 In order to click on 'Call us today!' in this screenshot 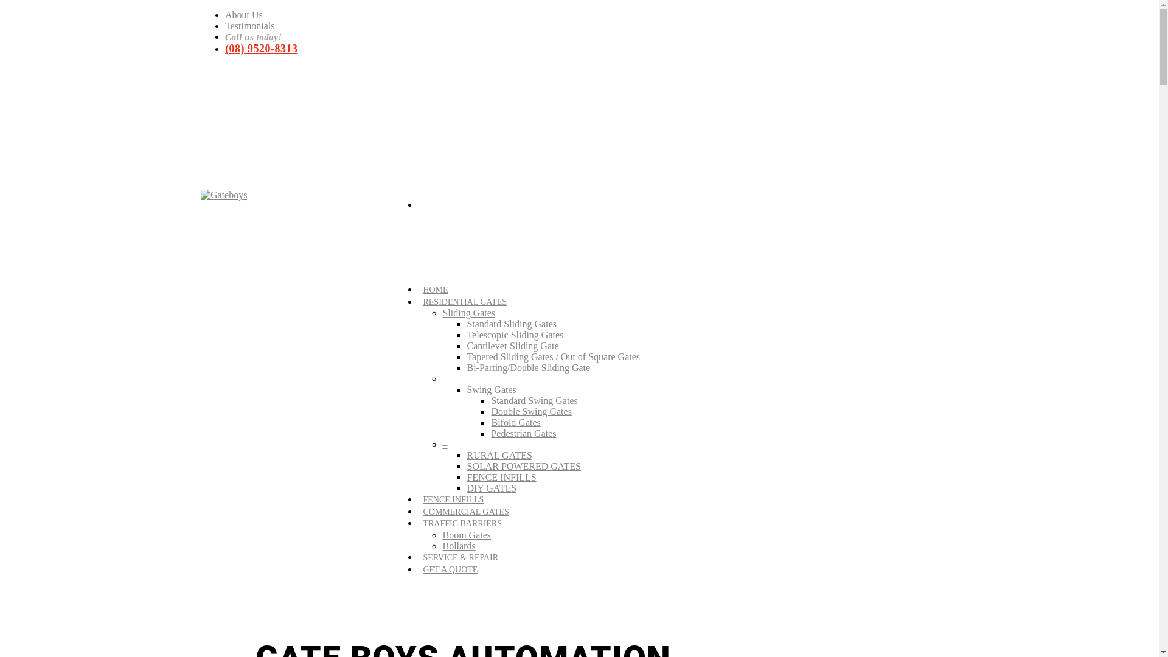, I will do `click(253, 36)`.